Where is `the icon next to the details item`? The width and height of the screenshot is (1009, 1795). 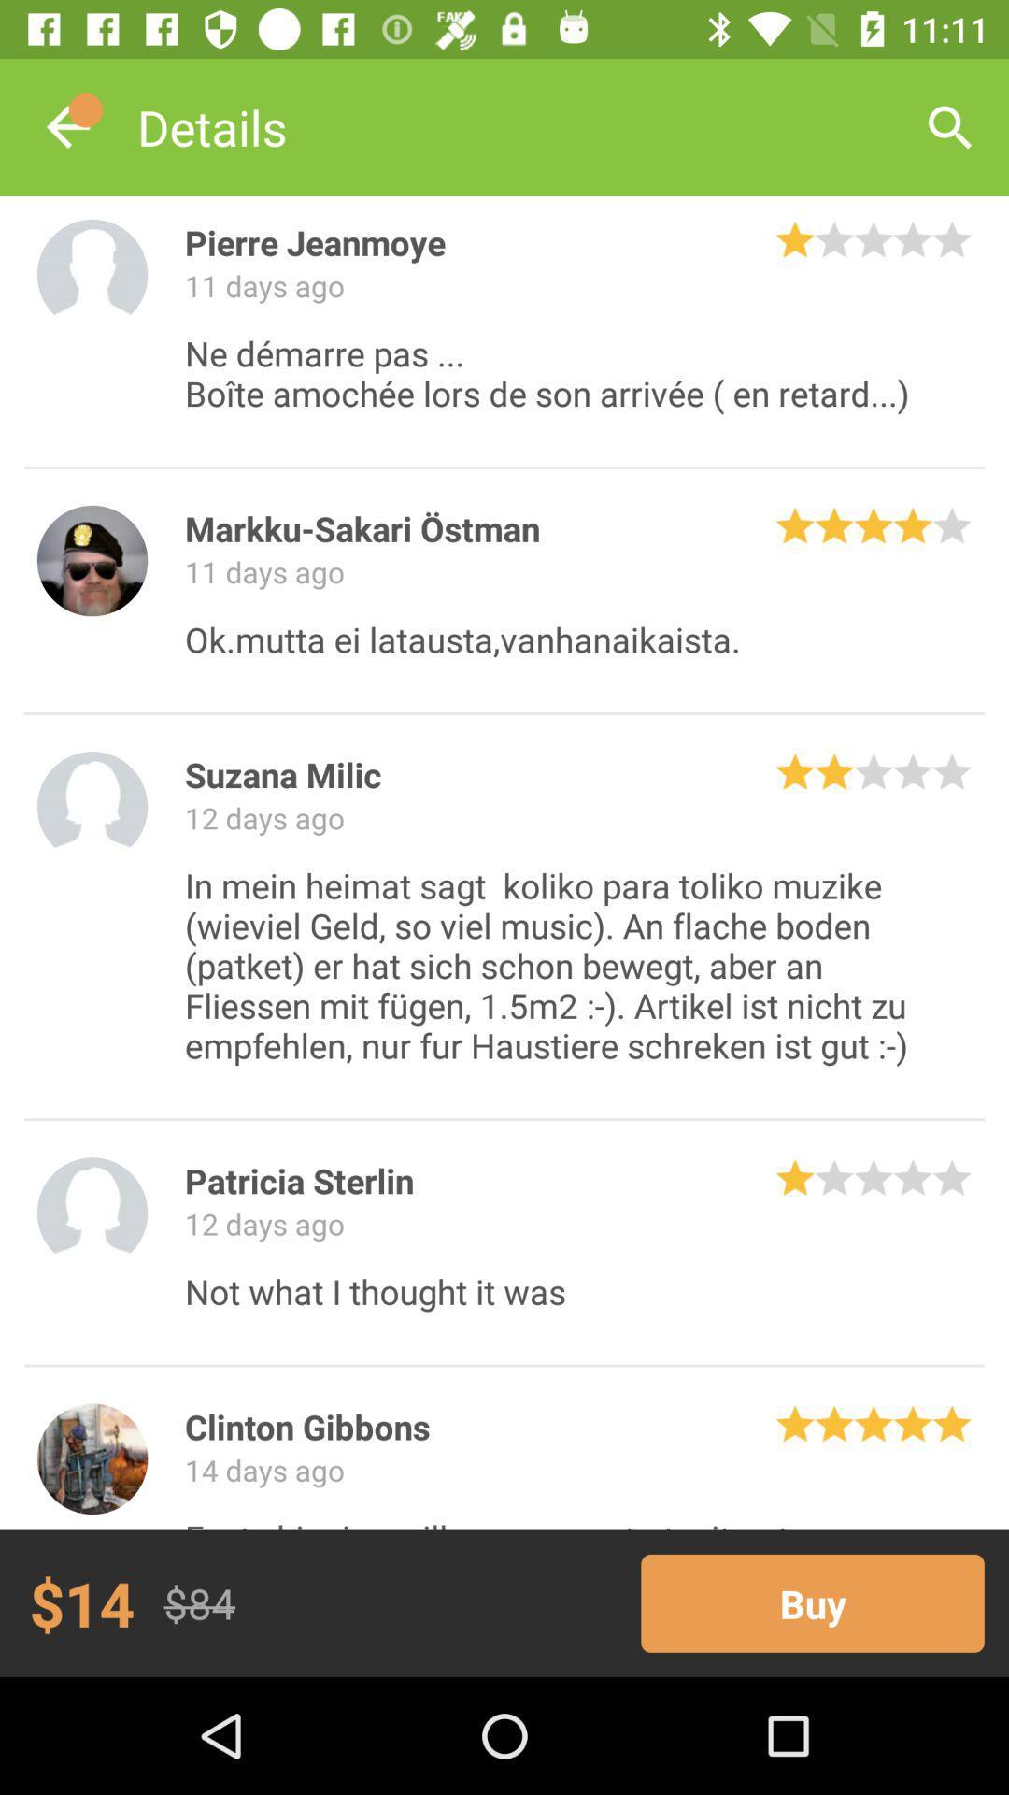 the icon next to the details item is located at coordinates (67, 126).